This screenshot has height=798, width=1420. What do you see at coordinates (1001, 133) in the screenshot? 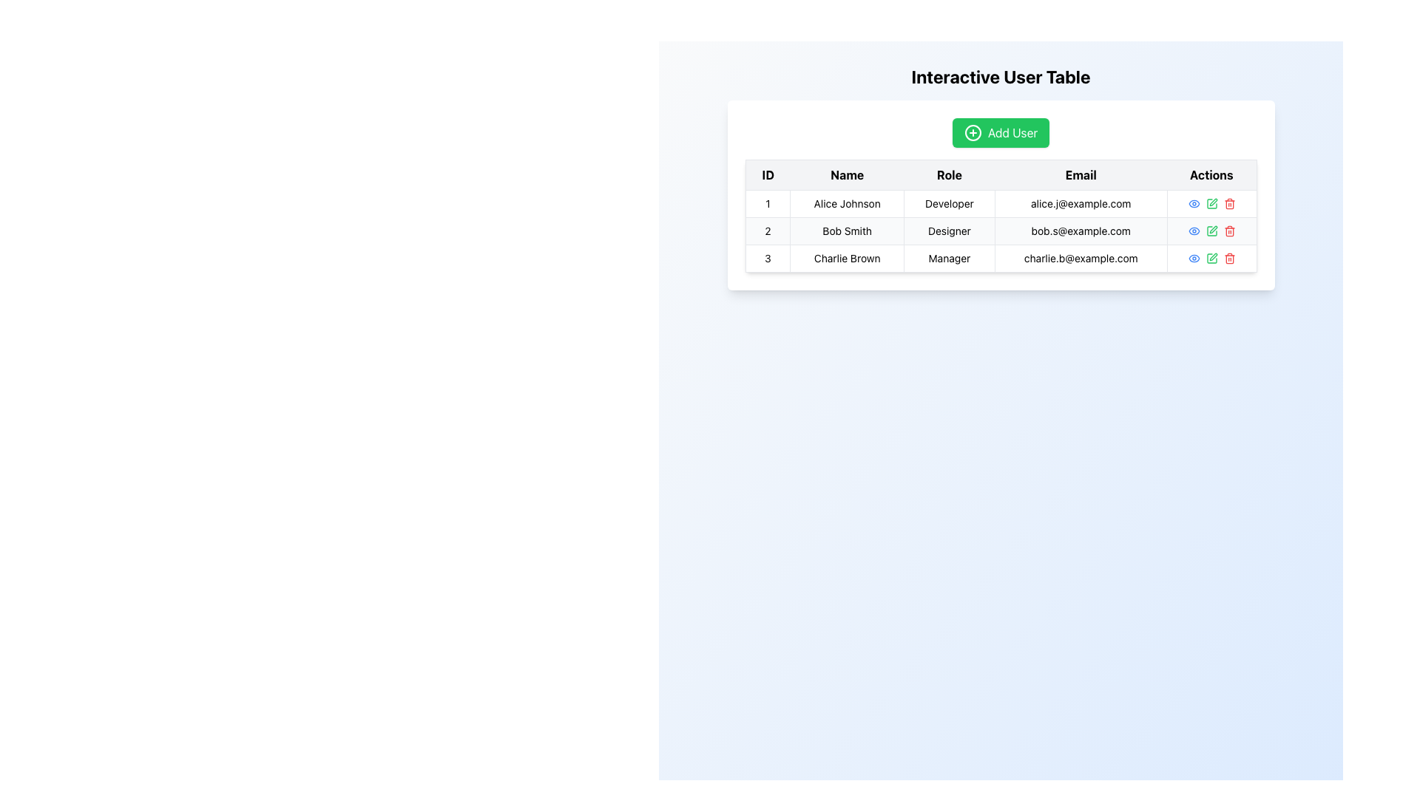
I see `the 'Add User' button located above the table` at bounding box center [1001, 133].